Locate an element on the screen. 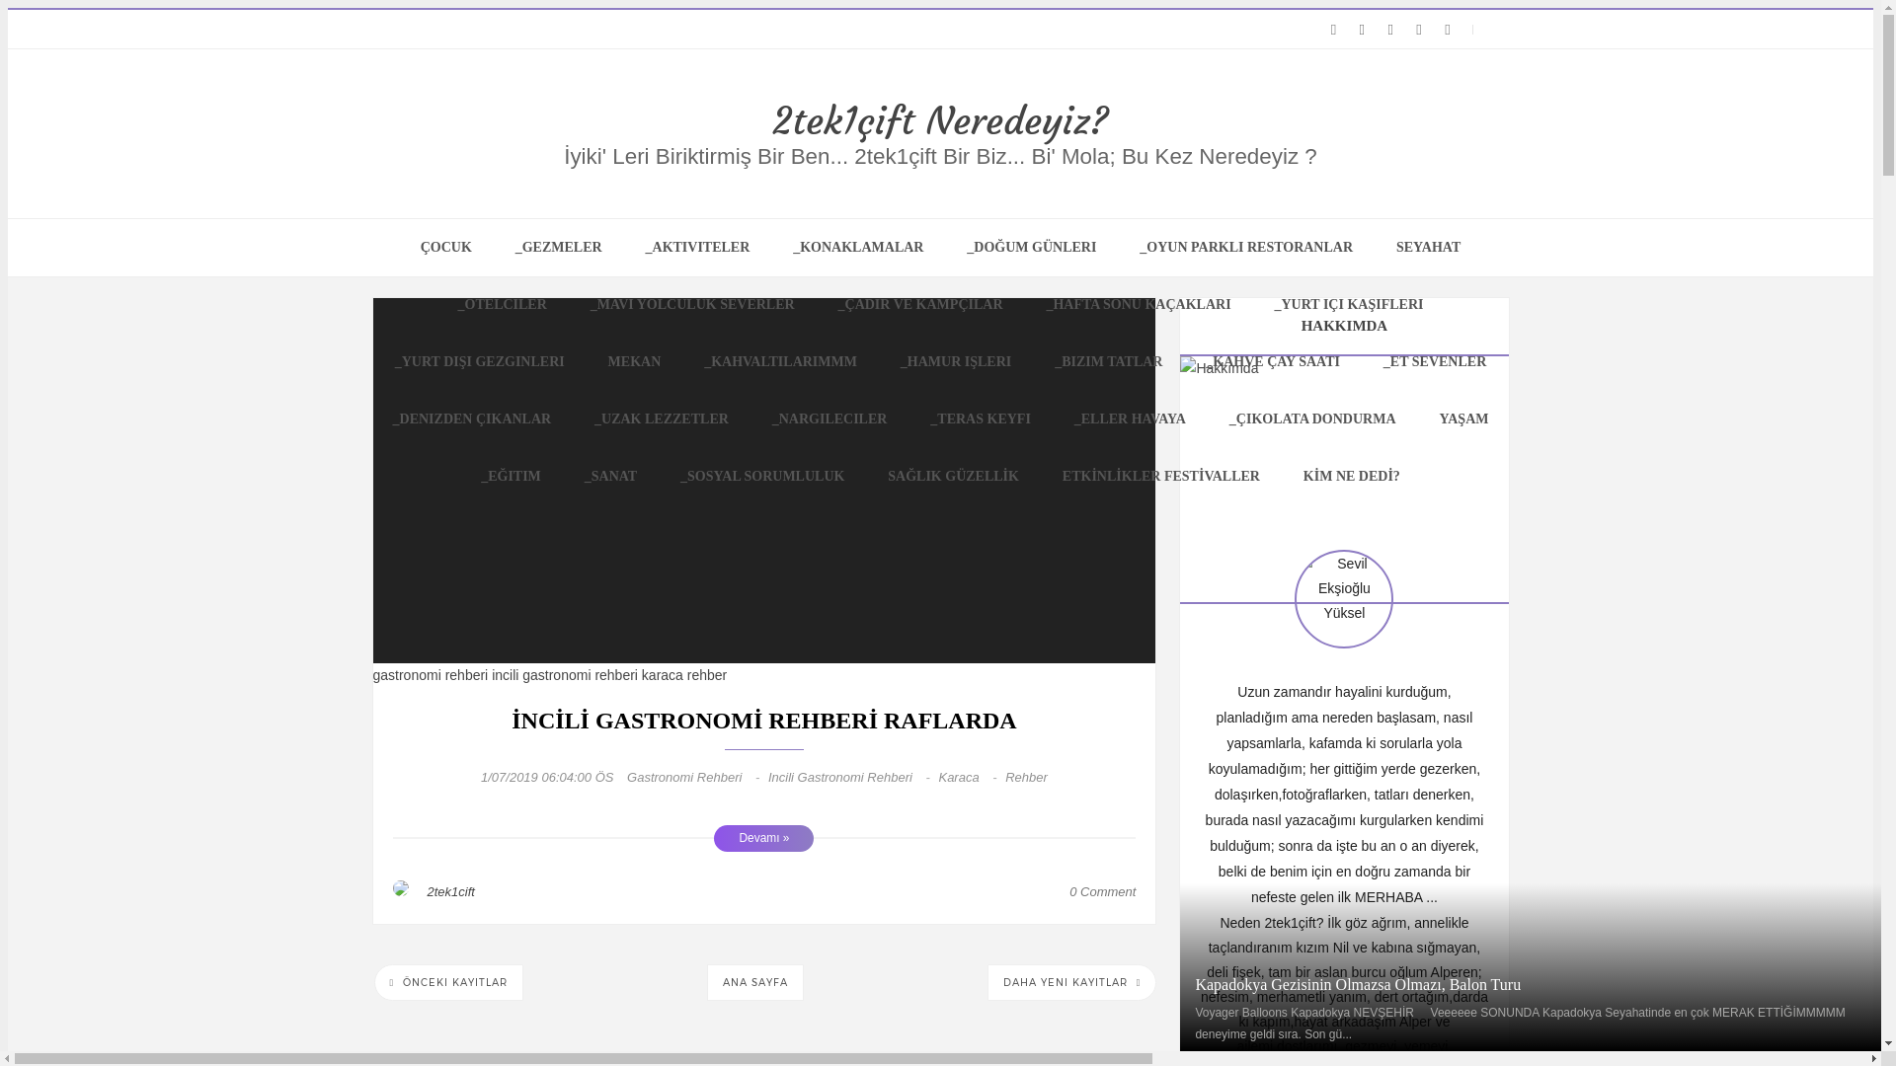 This screenshot has height=1066, width=1896. 'Incili Gastronomi Rehberi -' is located at coordinates (853, 776).